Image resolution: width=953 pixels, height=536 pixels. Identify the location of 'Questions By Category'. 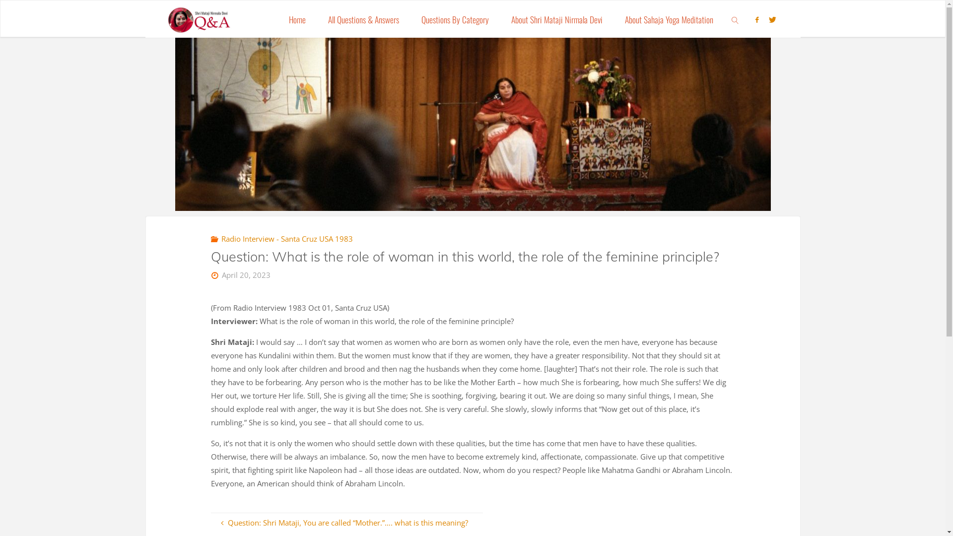
(409, 19).